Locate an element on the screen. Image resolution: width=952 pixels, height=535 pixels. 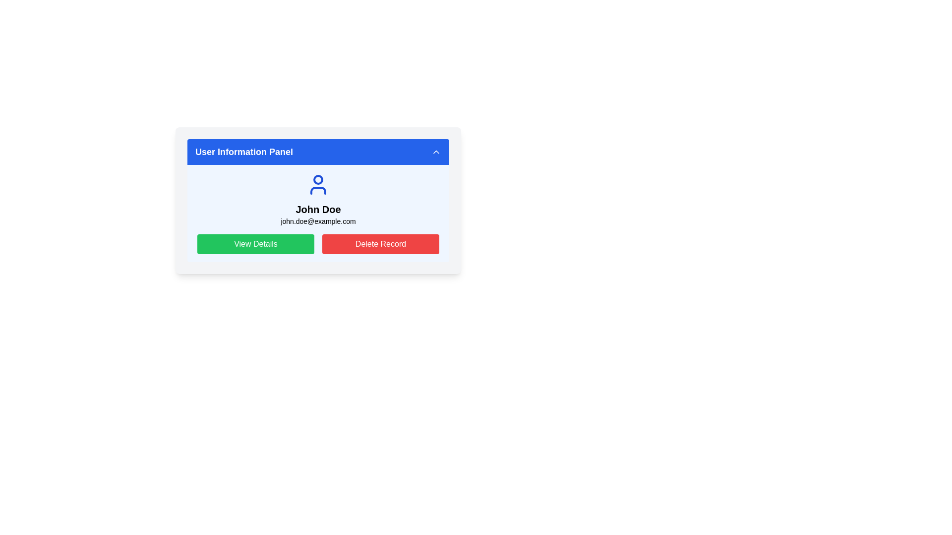
the email address text element located below 'John Doe' in the user information section is located at coordinates (318, 221).